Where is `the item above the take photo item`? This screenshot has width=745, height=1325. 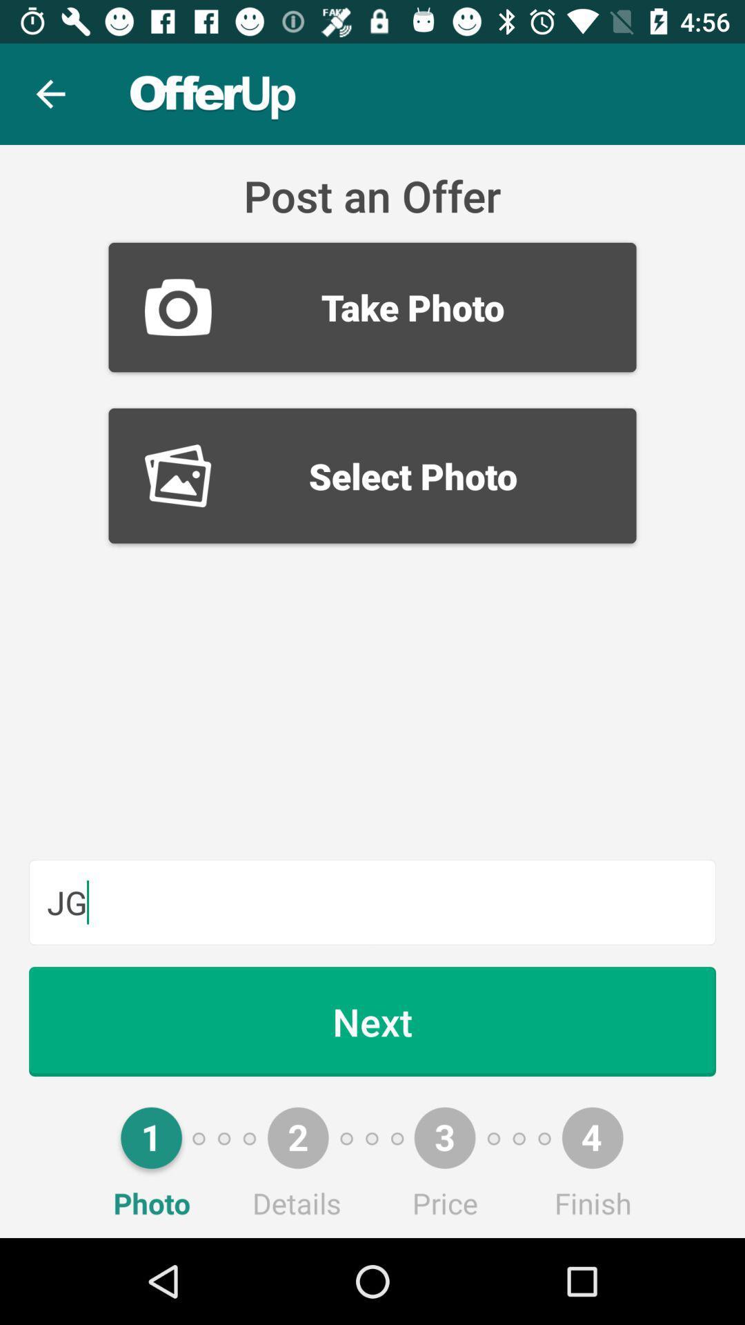
the item above the take photo item is located at coordinates (50, 93).